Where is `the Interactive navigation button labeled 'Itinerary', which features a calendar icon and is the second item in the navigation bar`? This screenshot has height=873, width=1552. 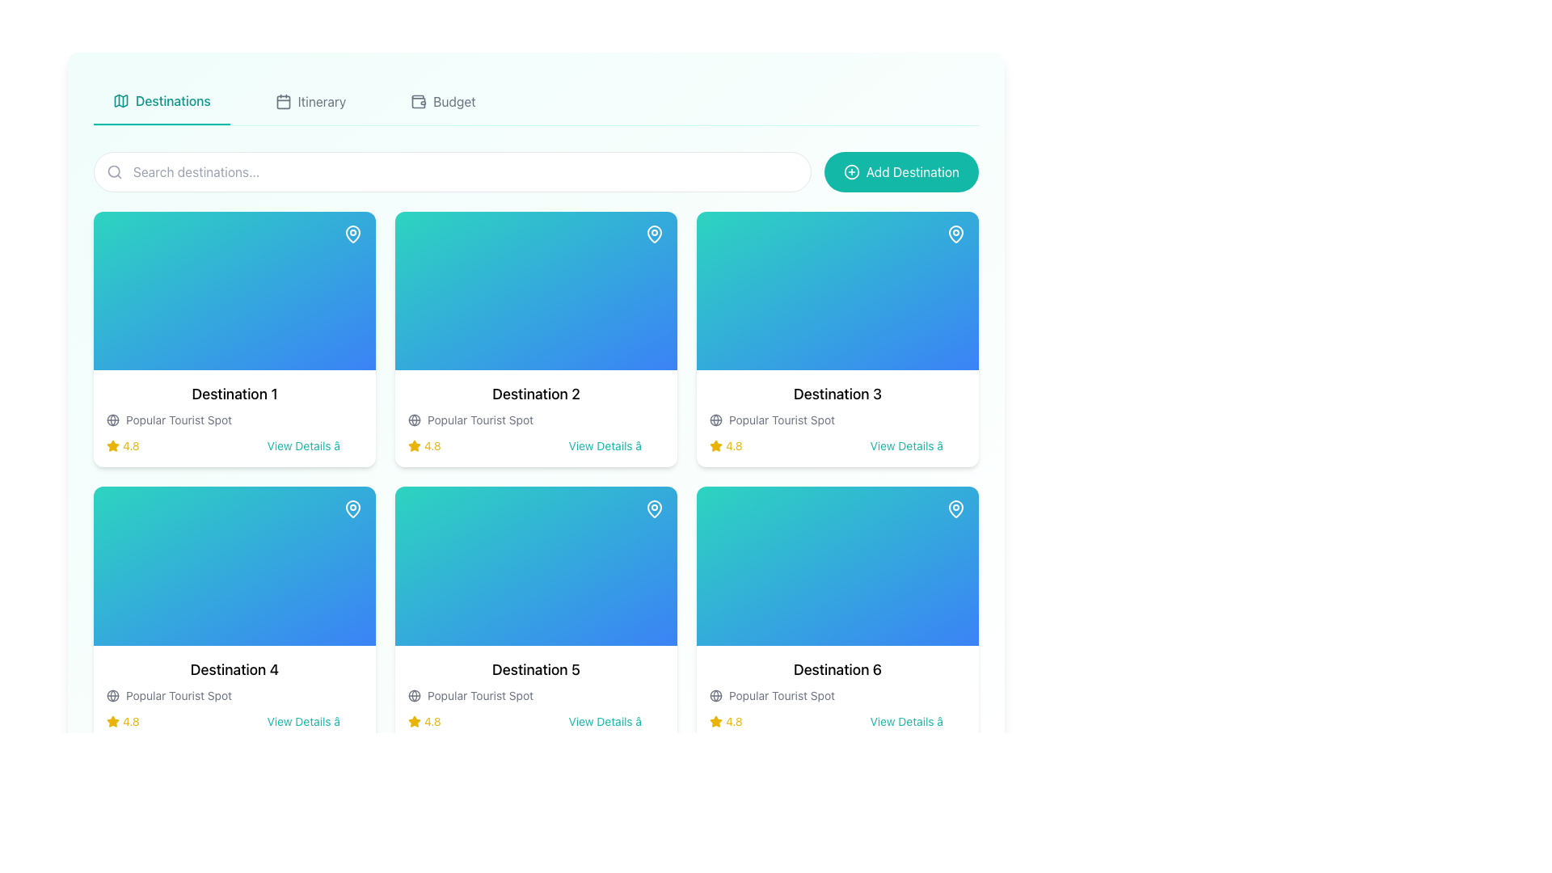
the Interactive navigation button labeled 'Itinerary', which features a calendar icon and is the second item in the navigation bar is located at coordinates (310, 102).